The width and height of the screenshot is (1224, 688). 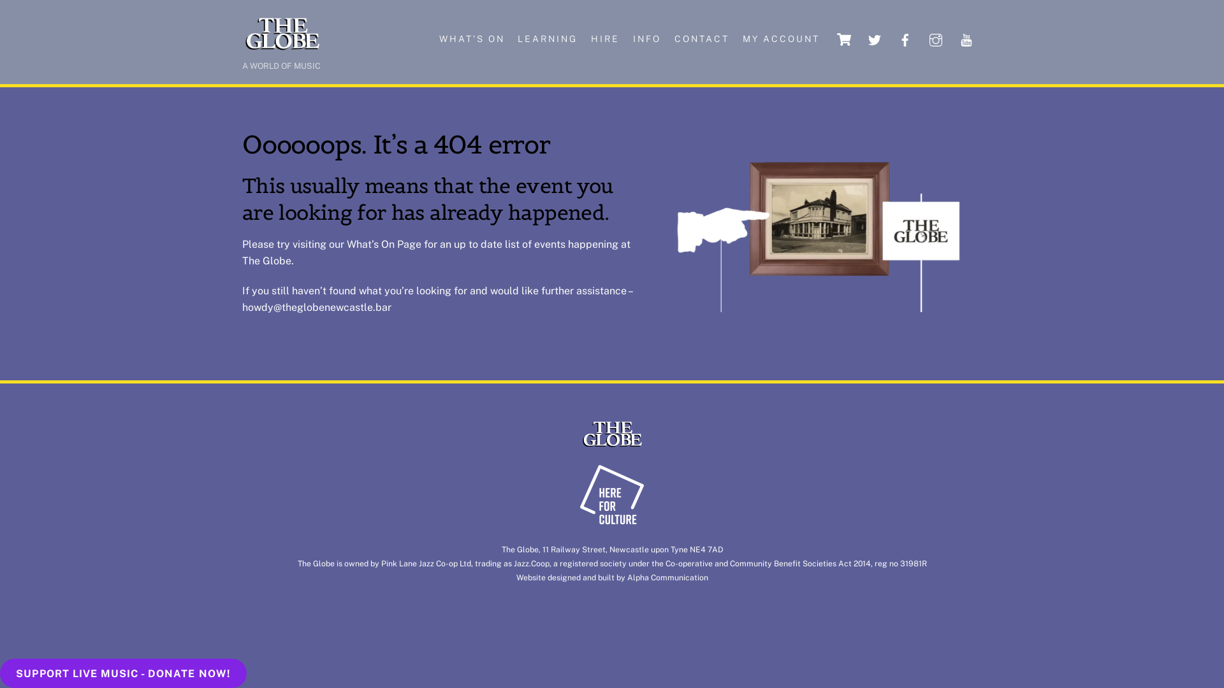 I want to click on 'Cart', so click(x=831, y=38).